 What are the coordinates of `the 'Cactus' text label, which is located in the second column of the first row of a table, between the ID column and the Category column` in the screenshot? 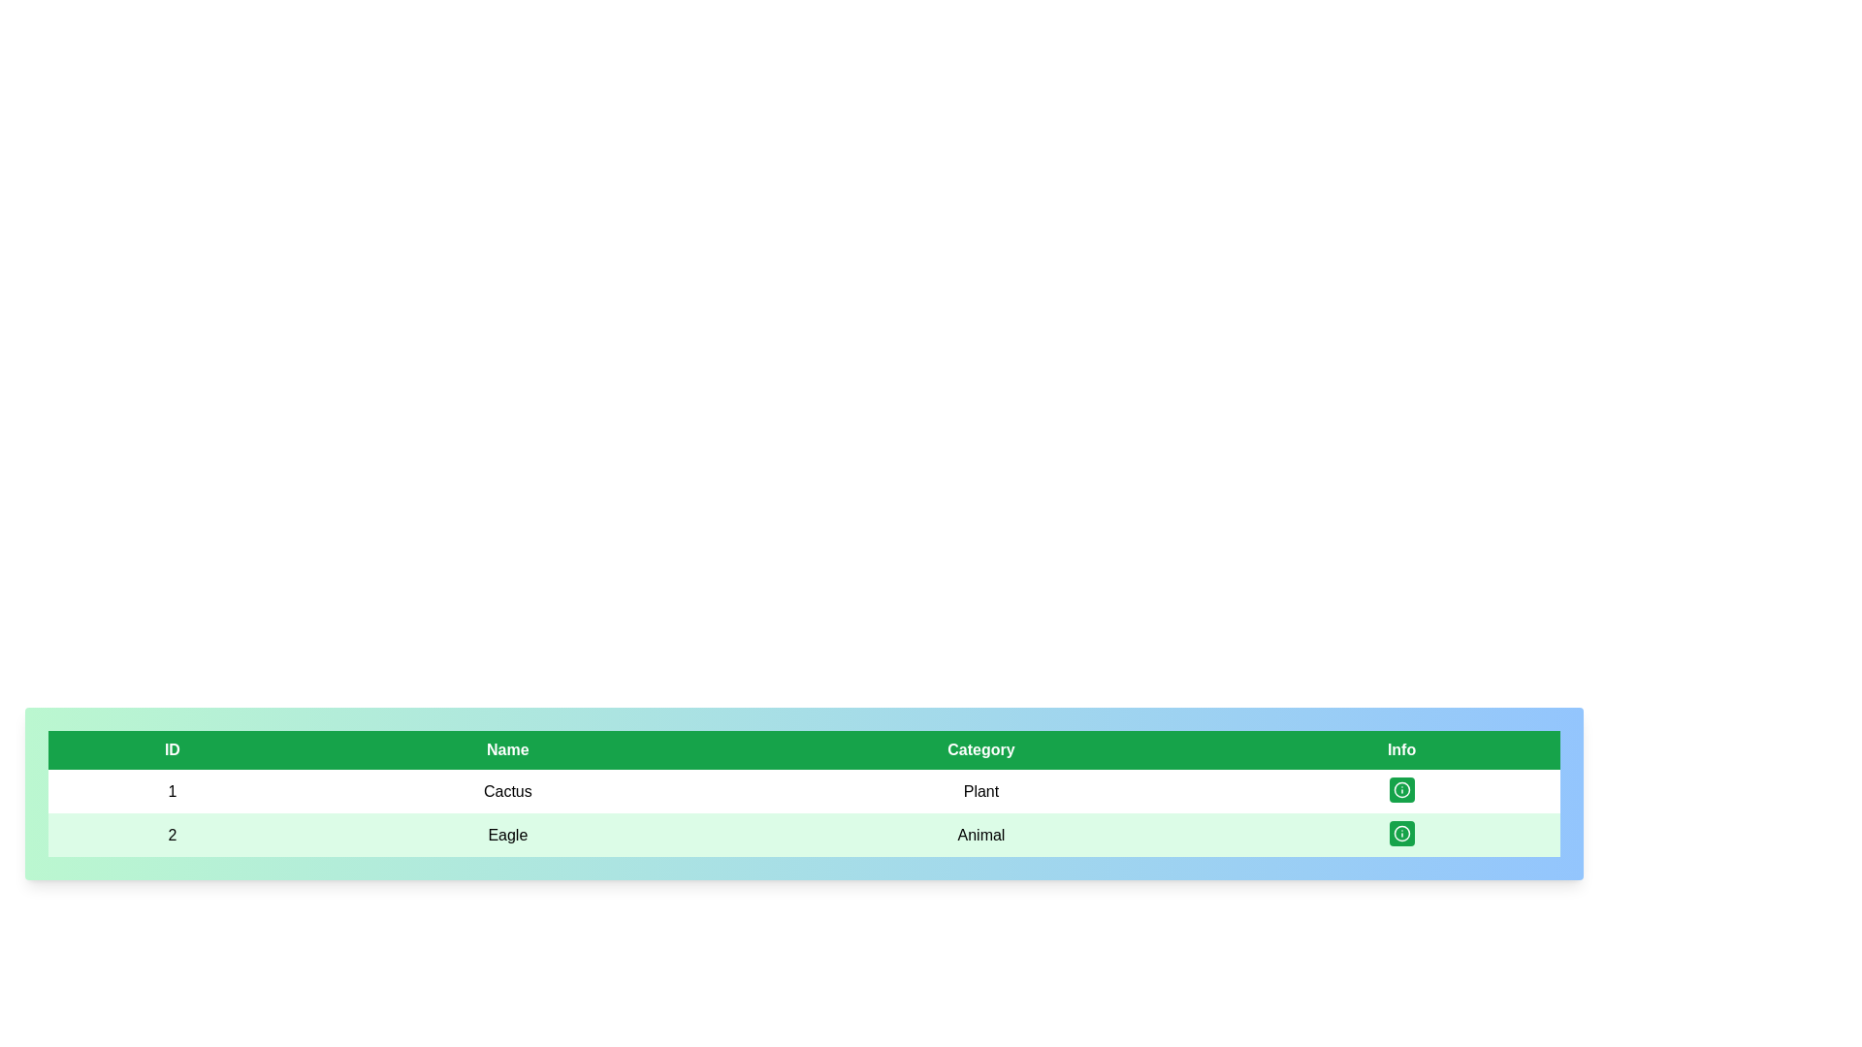 It's located at (507, 791).